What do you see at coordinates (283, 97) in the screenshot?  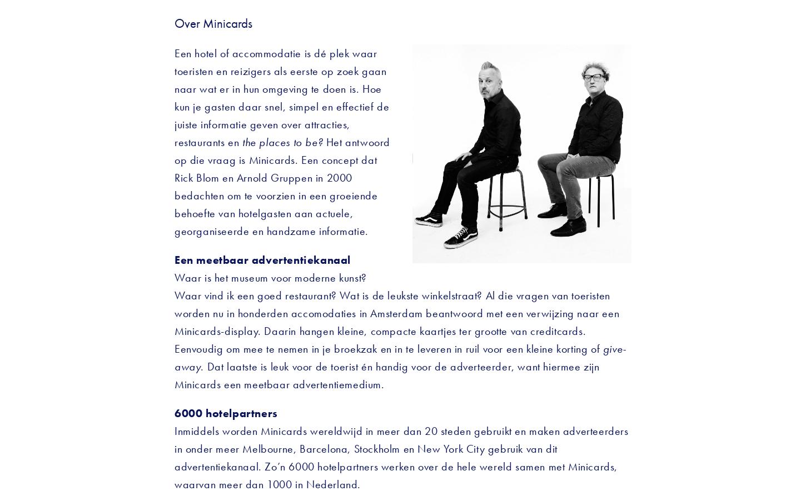 I see `'Een hotel of accommodatie is dé plek waar toeristen en reizigers als eerste op zoek gaan naar wat er in hun omgeving te doen is. Hoe kun je gasten daar snel, simpel en effectief de juiste informatie geven over attracties, restaurants en'` at bounding box center [283, 97].